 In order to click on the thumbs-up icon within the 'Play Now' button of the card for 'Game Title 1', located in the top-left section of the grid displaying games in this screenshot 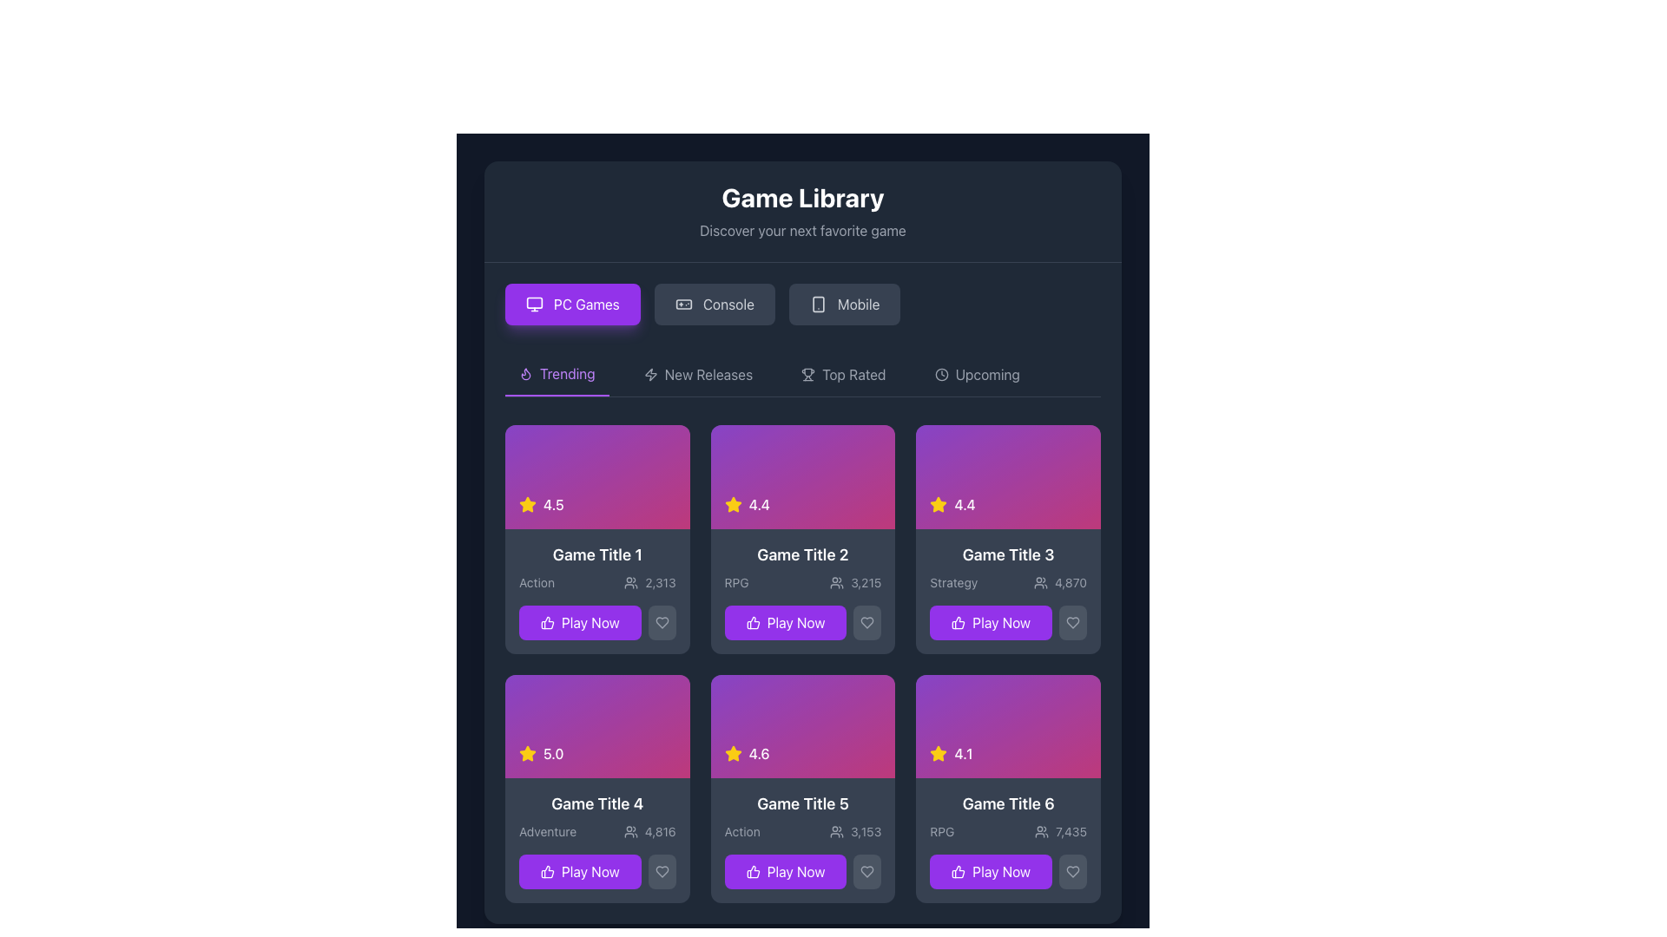, I will do `click(546, 621)`.